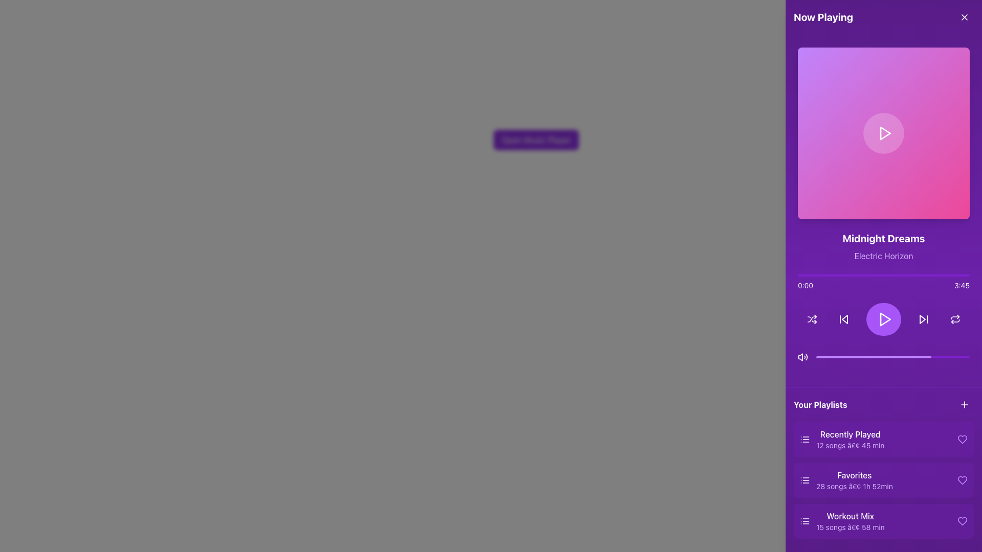  Describe the element at coordinates (962, 480) in the screenshot. I see `the heart-shaped icon with a purple color scheme located beside the 'Favorites' playlist in the 'Your Playlists' section` at that location.